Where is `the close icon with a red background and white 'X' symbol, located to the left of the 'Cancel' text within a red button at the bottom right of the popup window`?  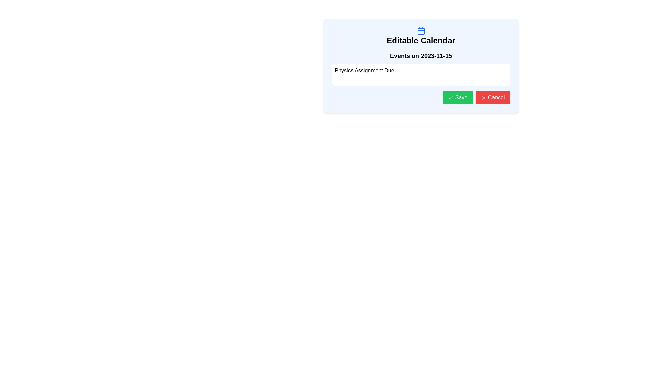
the close icon with a red background and white 'X' symbol, located to the left of the 'Cancel' text within a red button at the bottom right of the popup window is located at coordinates (483, 98).